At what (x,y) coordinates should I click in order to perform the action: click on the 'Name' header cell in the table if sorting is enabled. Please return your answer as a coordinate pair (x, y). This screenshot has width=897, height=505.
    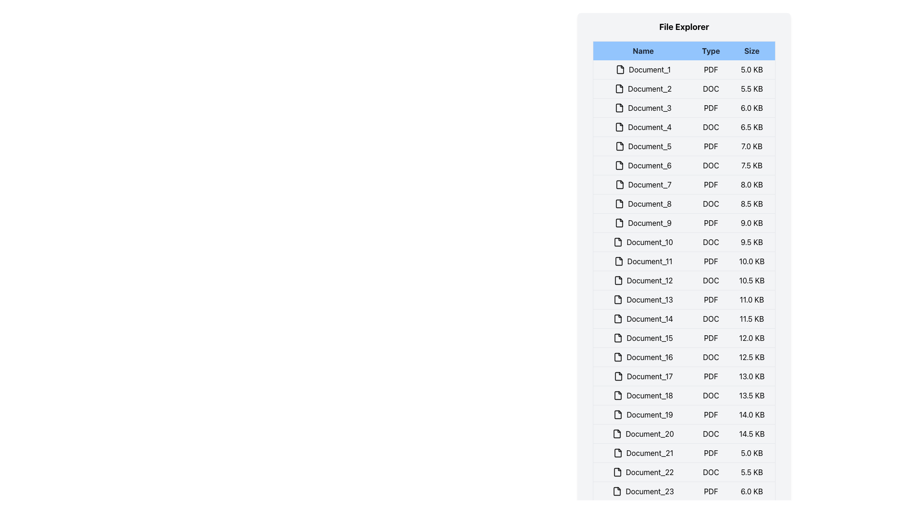
    Looking at the image, I should click on (642, 50).